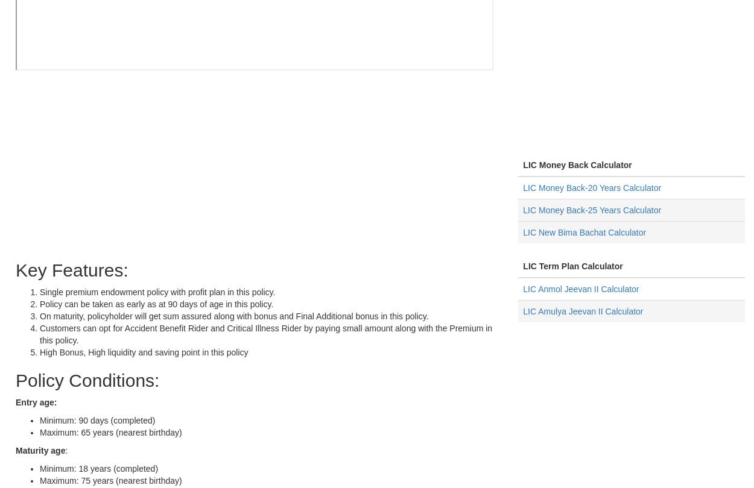 The image size is (754, 488). I want to click on 'Customers can opt for Accident Benefit Rider and Critical Illness Rider by paying small amount along with the Premium in this policy.', so click(265, 334).